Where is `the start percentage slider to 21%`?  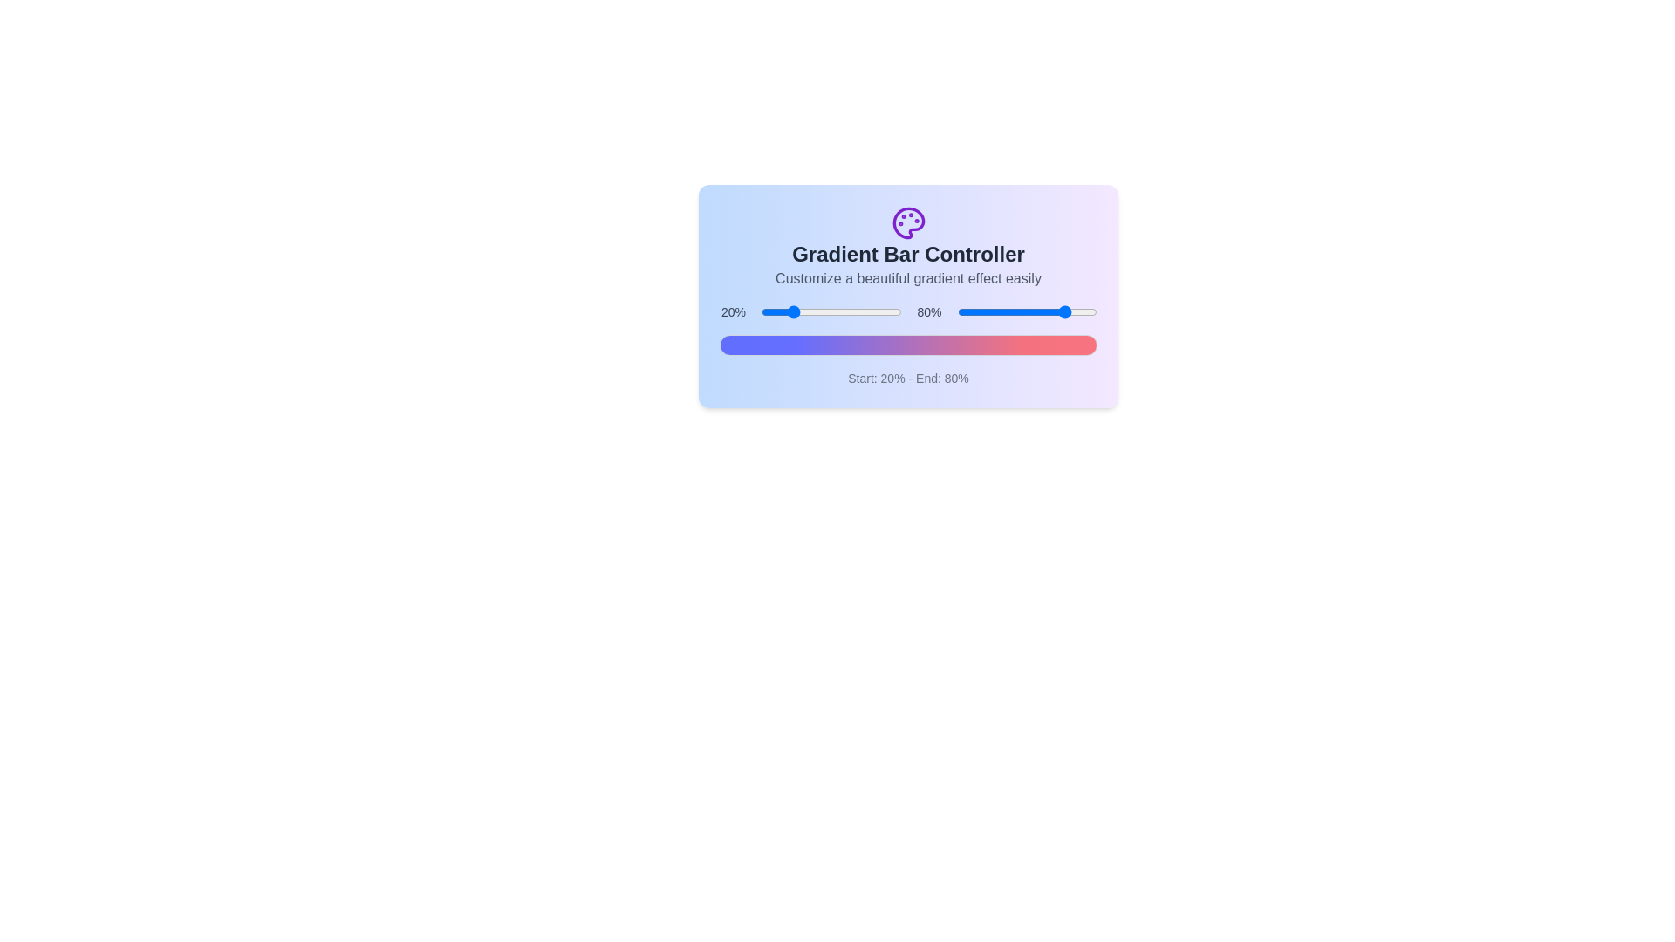
the start percentage slider to 21% is located at coordinates (790, 311).